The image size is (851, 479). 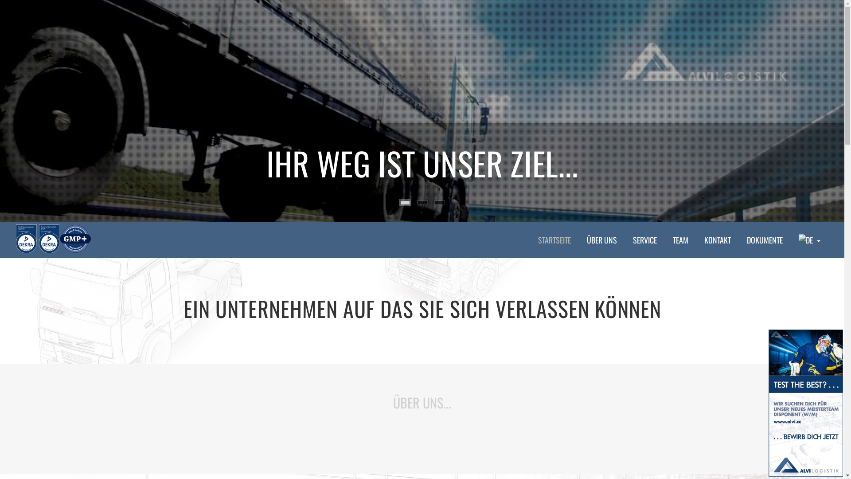 What do you see at coordinates (680, 239) in the screenshot?
I see `'TEAM'` at bounding box center [680, 239].